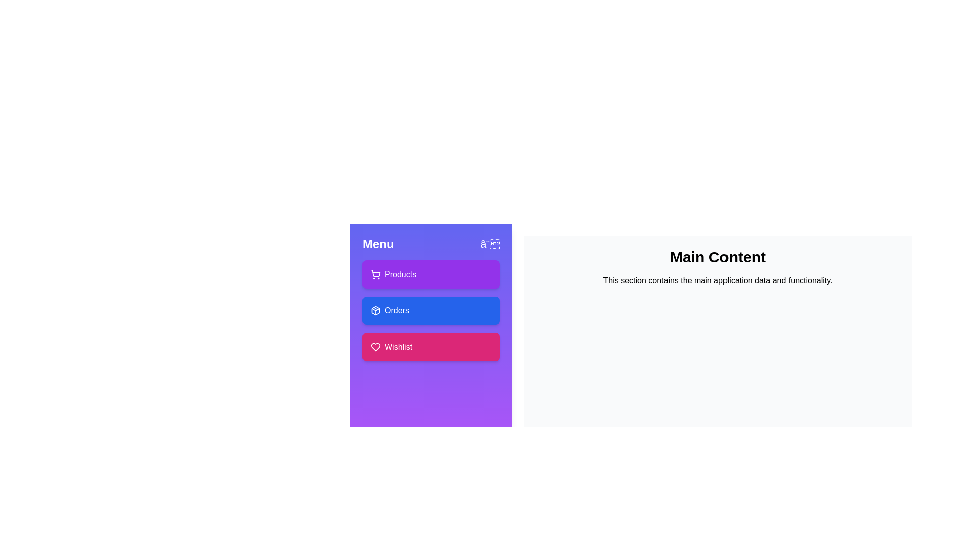 This screenshot has width=968, height=544. Describe the element at coordinates (431, 347) in the screenshot. I see `the Wishlist button to navigate to the Wishlist section` at that location.